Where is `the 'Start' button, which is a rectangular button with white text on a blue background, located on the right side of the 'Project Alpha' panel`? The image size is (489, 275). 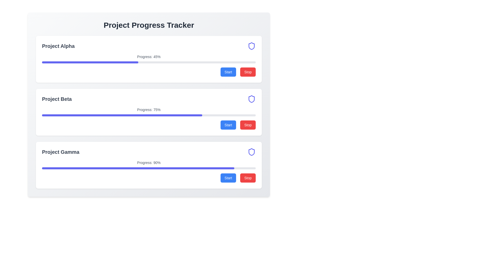
the 'Start' button, which is a rectangular button with white text on a blue background, located on the right side of the 'Project Alpha' panel is located at coordinates (228, 72).